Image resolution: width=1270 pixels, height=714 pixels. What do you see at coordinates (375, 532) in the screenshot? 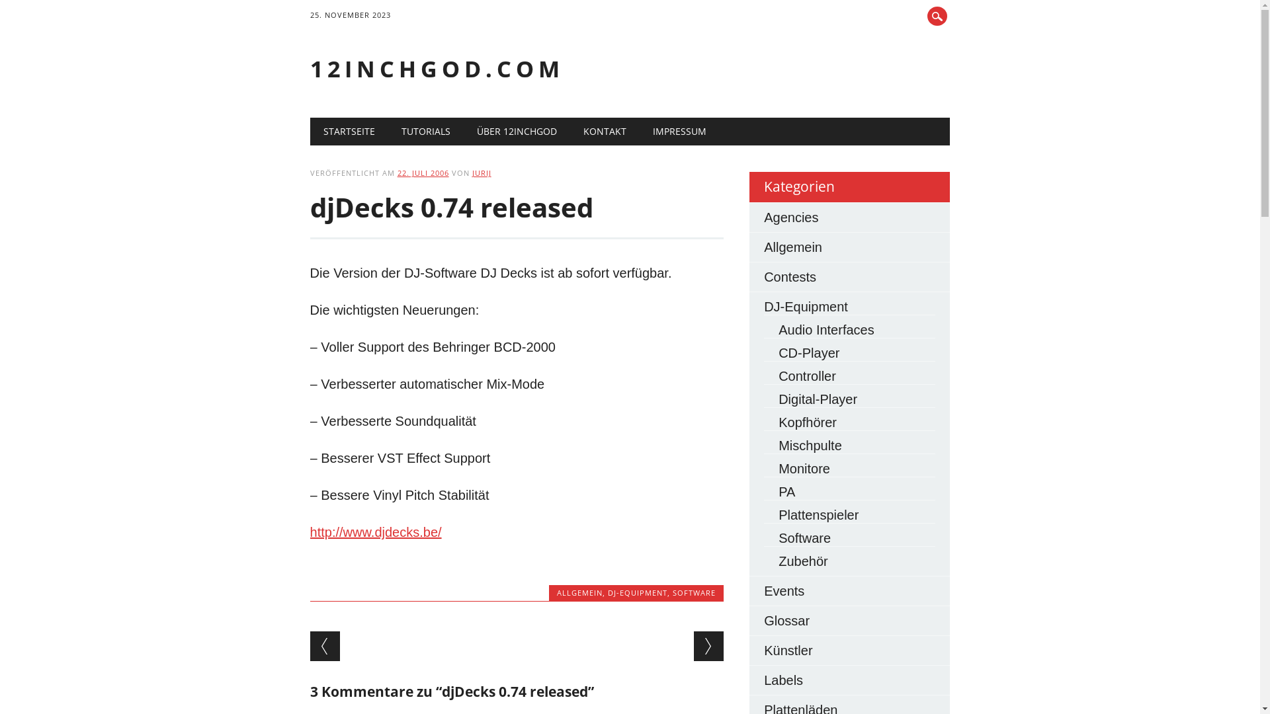
I see `'http://www.djdecks.be/'` at bounding box center [375, 532].